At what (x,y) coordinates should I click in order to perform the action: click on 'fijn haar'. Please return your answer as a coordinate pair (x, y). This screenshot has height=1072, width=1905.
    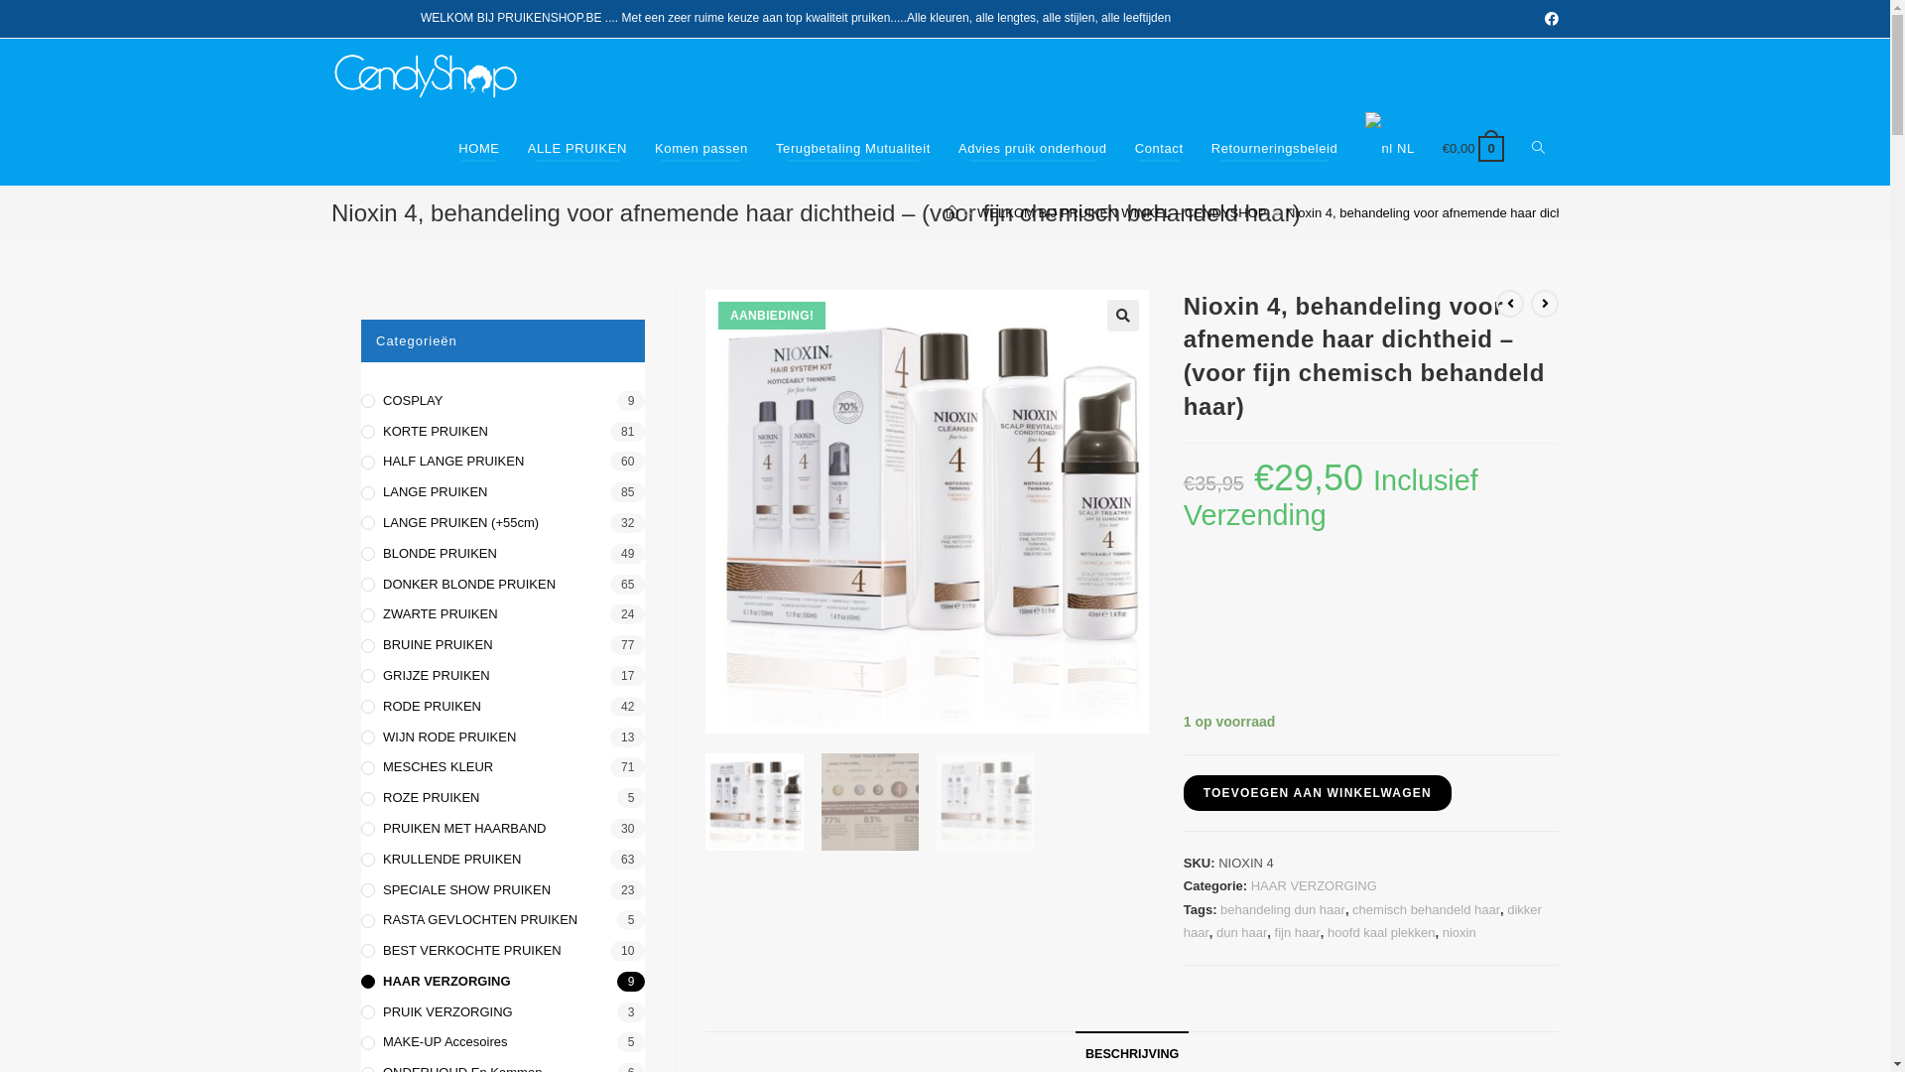
    Looking at the image, I should click on (1298, 932).